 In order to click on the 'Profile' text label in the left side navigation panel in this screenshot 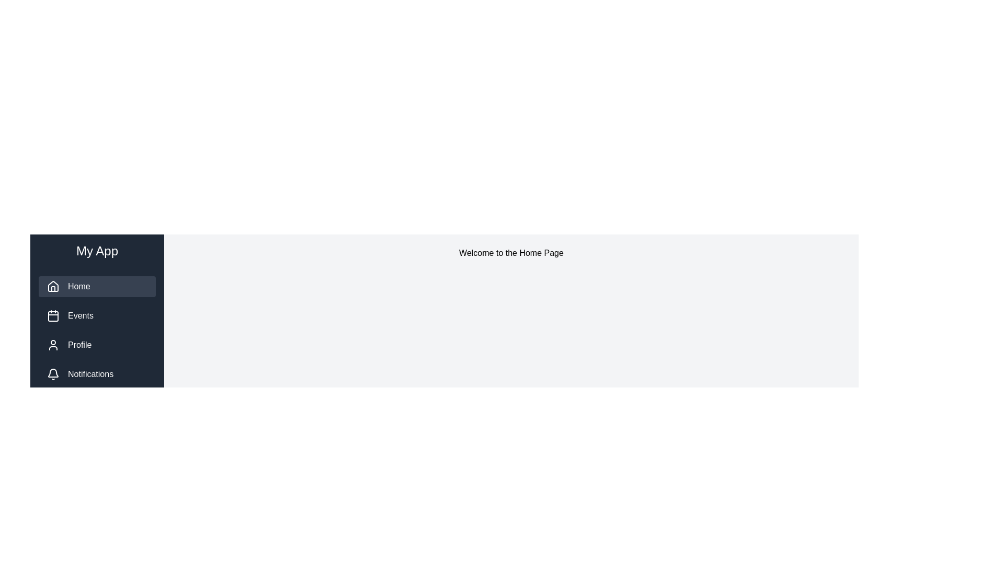, I will do `click(79, 345)`.